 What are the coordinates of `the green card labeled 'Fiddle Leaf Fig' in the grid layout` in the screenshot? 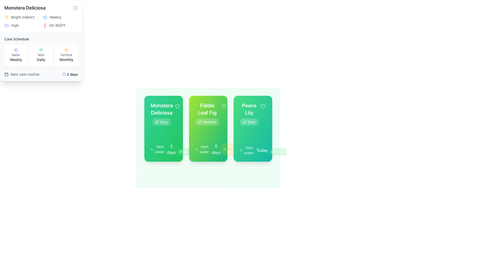 It's located at (208, 128).